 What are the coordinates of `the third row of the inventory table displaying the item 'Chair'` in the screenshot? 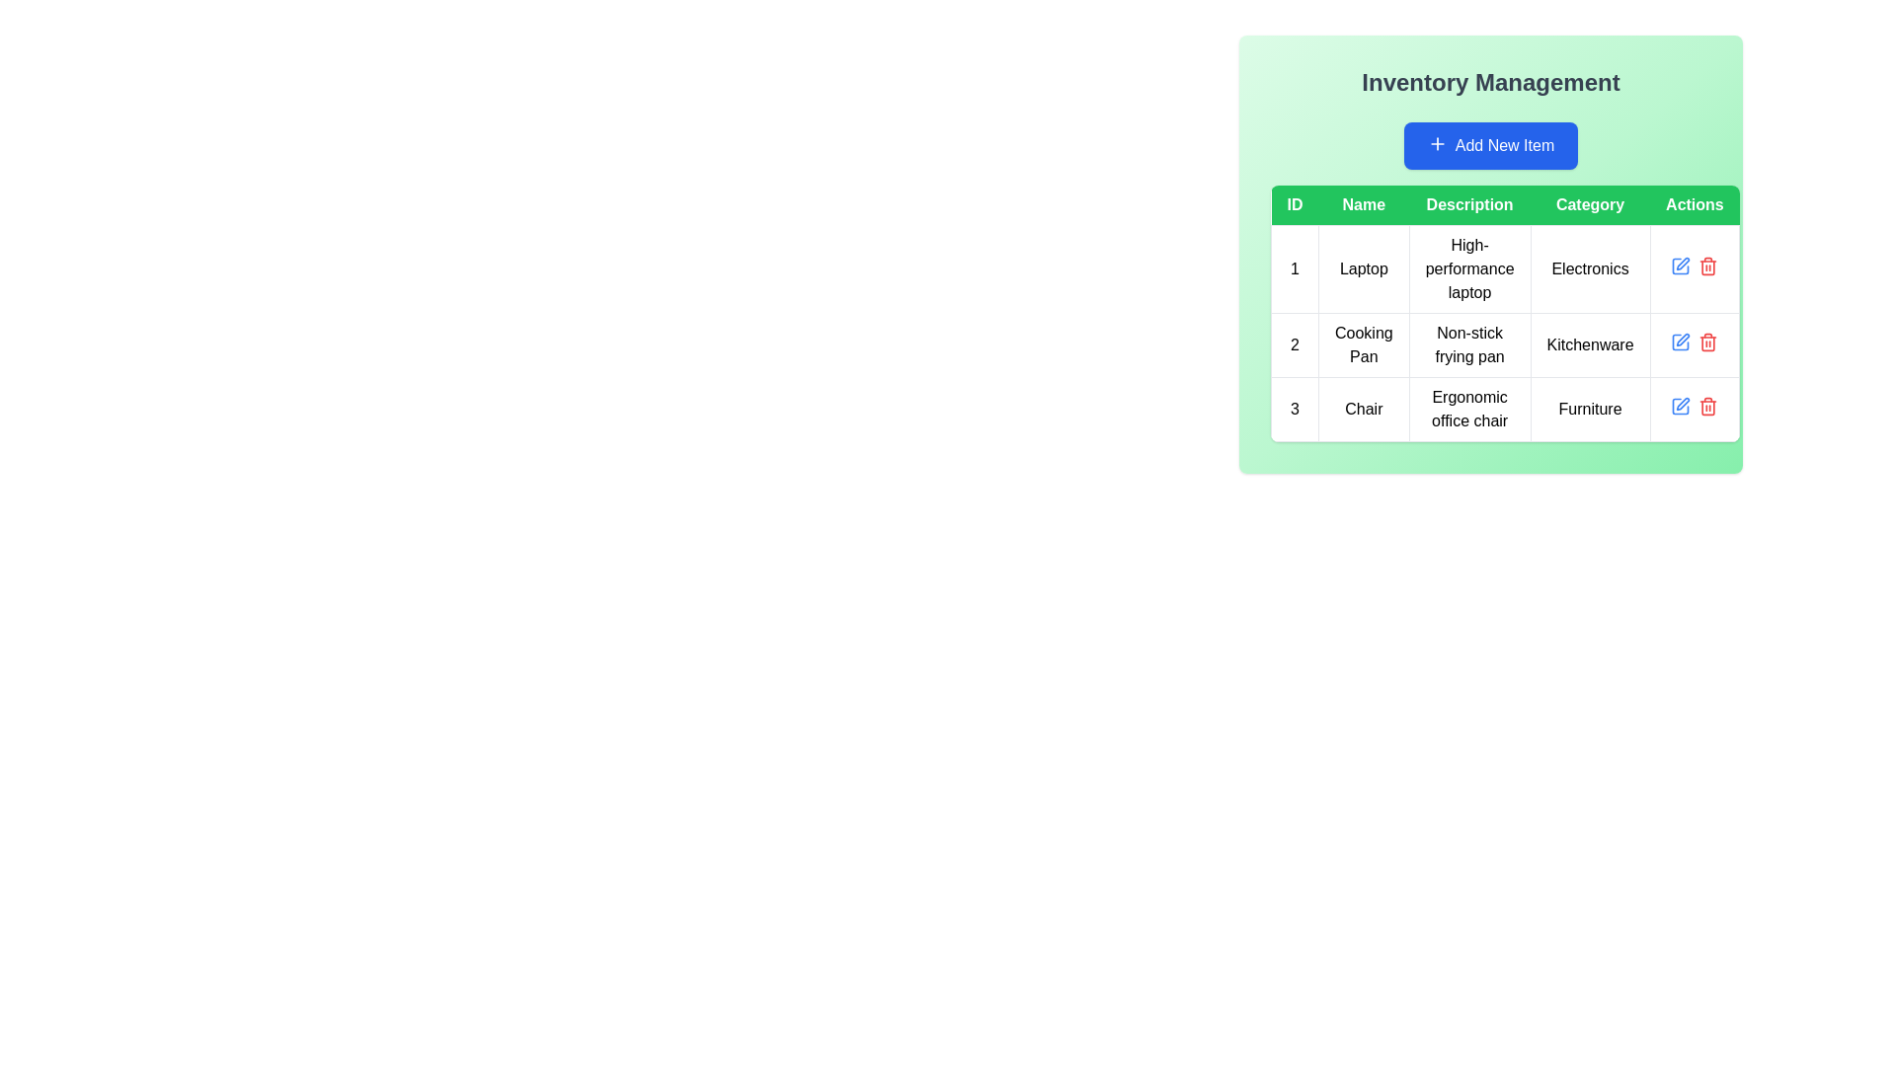 It's located at (1504, 409).